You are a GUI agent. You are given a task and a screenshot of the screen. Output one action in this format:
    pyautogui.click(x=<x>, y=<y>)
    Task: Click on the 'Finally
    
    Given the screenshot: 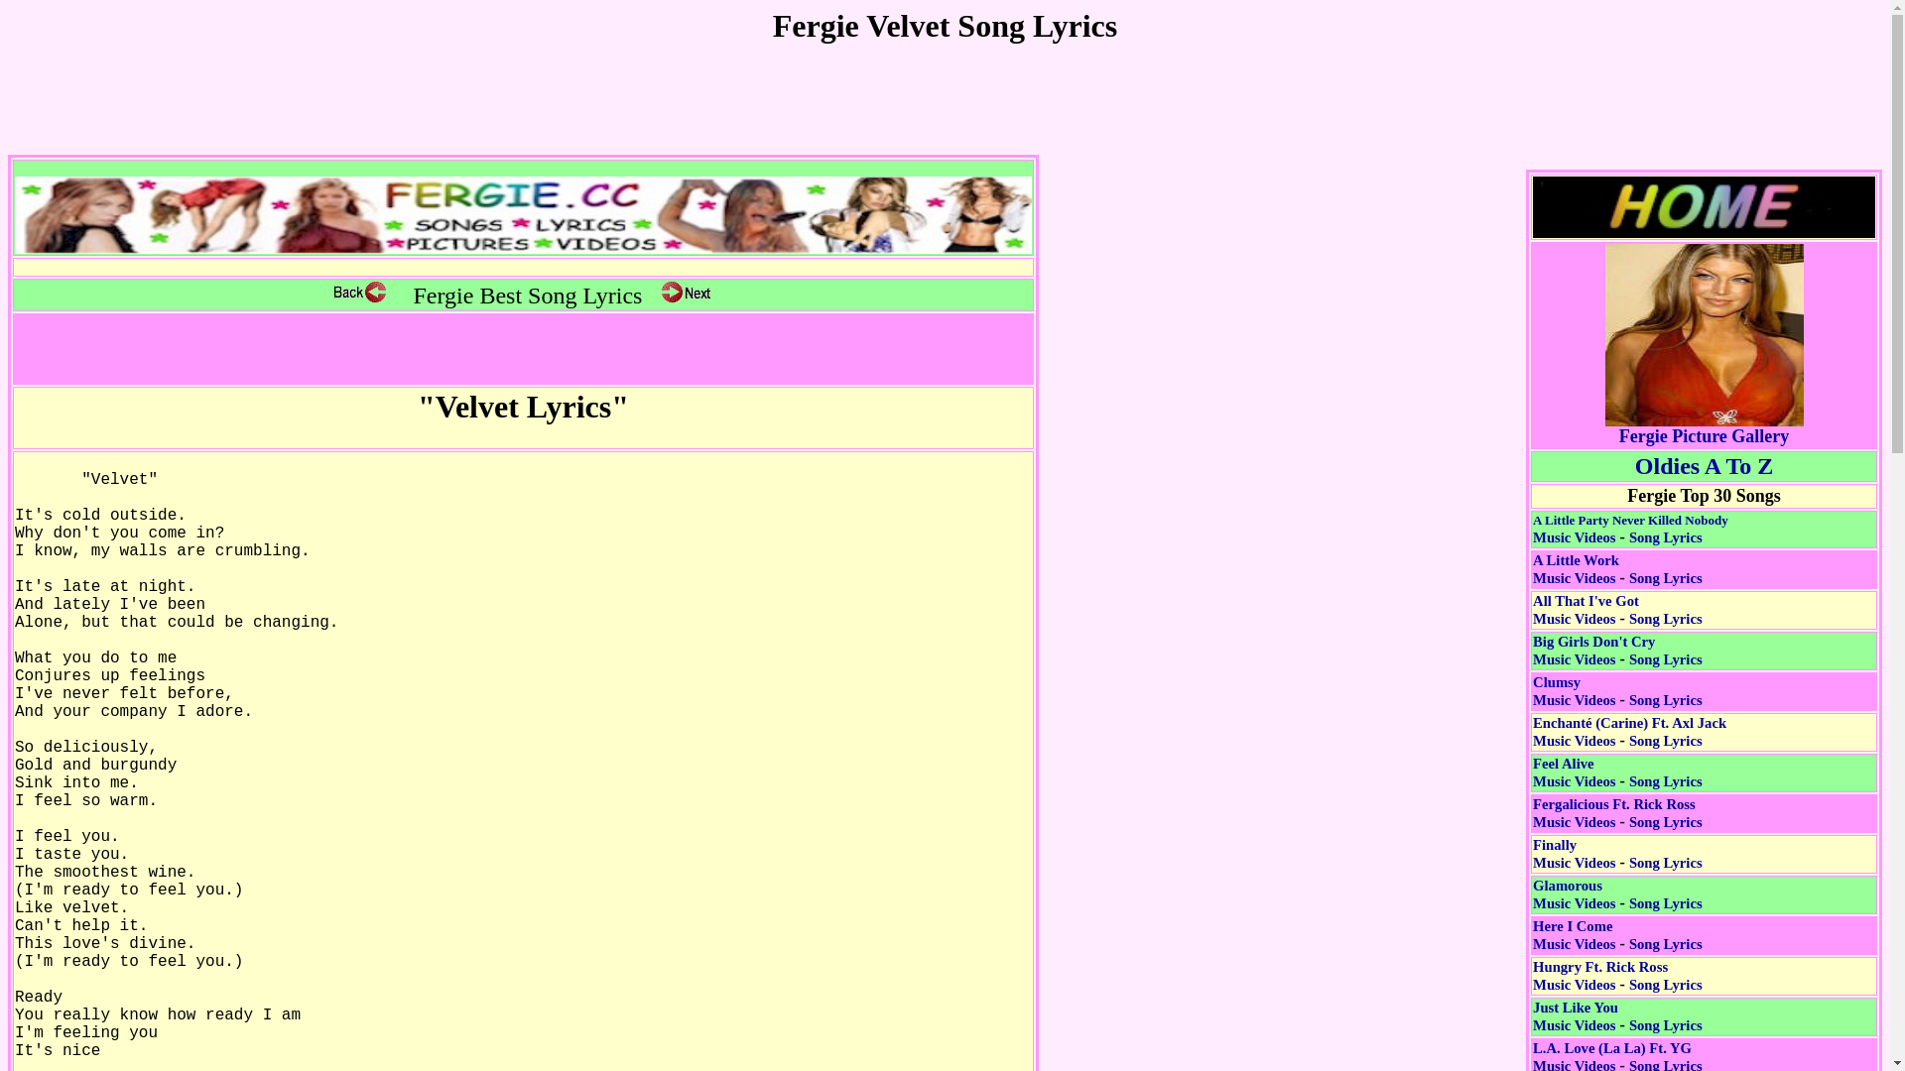 What is the action you would take?
    pyautogui.click(x=1573, y=852)
    